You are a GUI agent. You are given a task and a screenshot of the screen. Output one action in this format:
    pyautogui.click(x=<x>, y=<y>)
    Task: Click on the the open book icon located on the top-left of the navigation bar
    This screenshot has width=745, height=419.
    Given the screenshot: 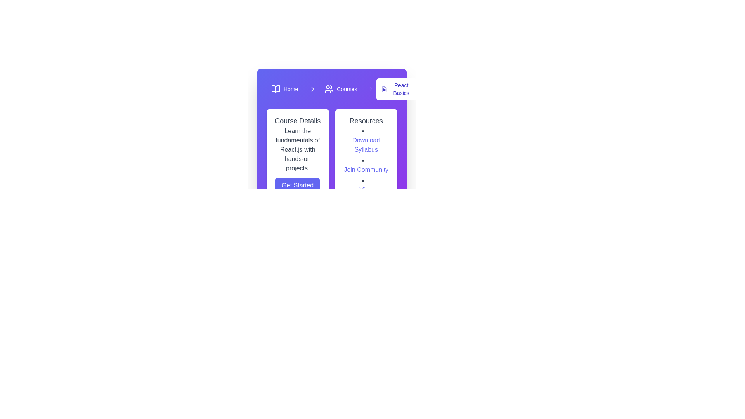 What is the action you would take?
    pyautogui.click(x=275, y=89)
    